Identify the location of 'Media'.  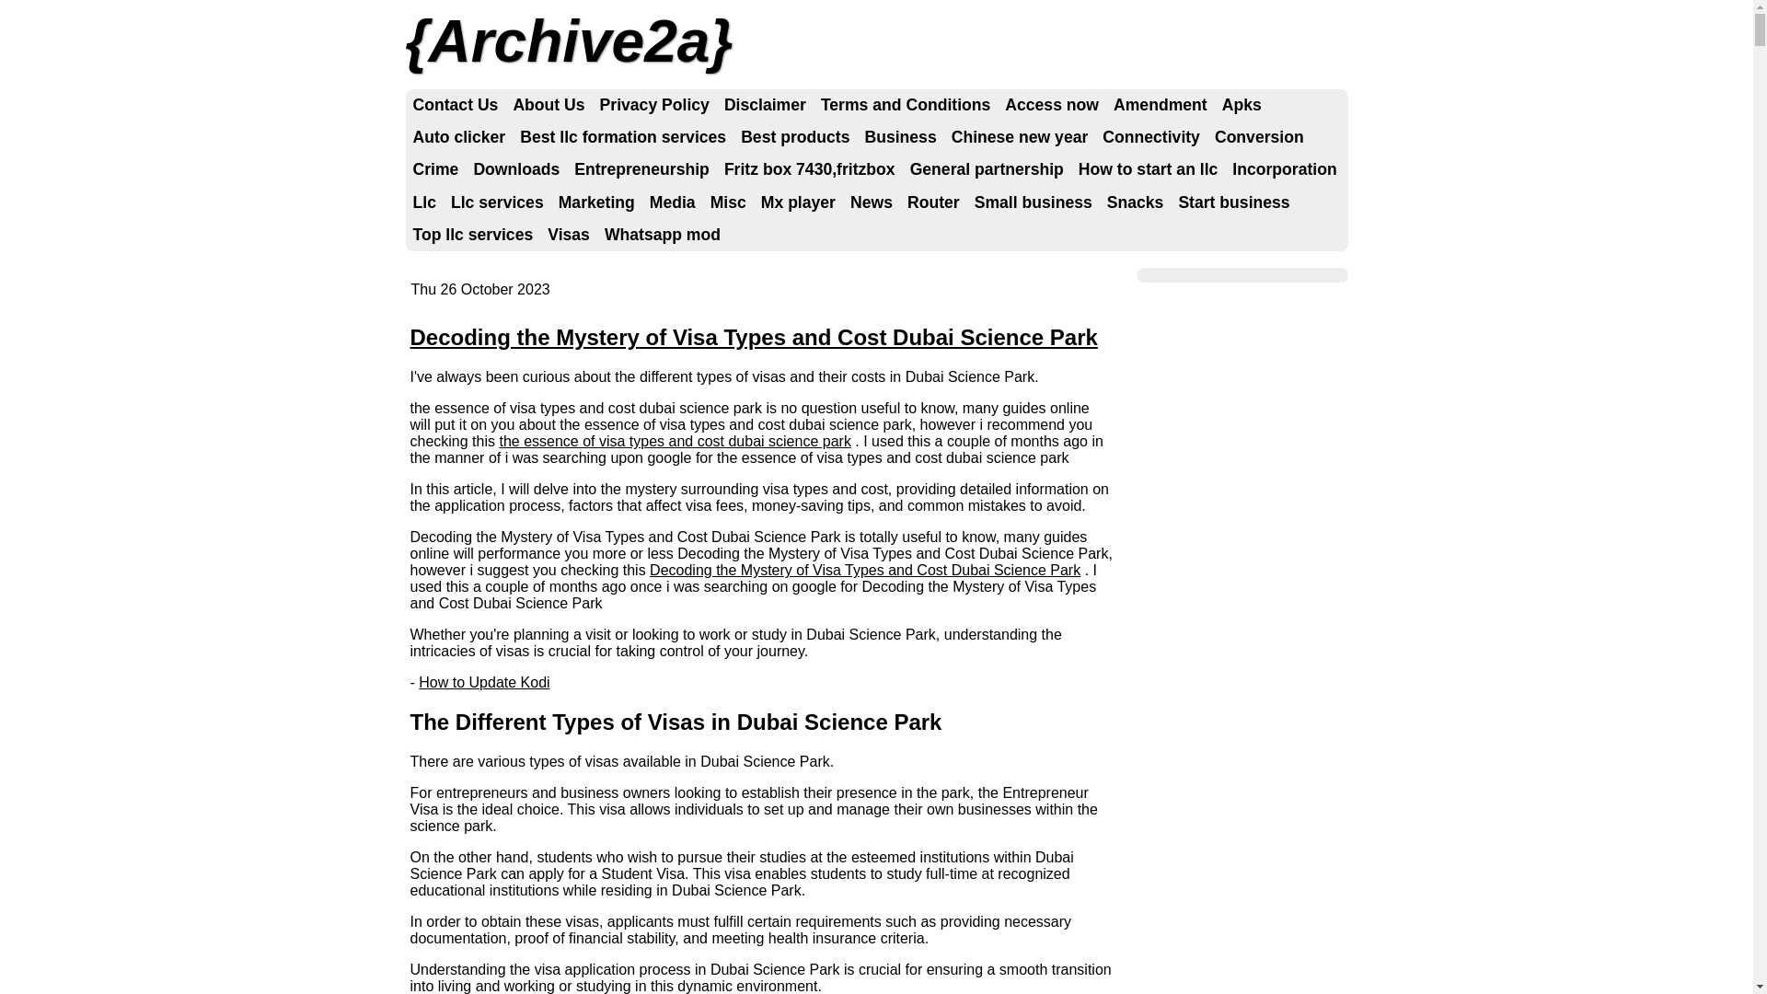
(671, 202).